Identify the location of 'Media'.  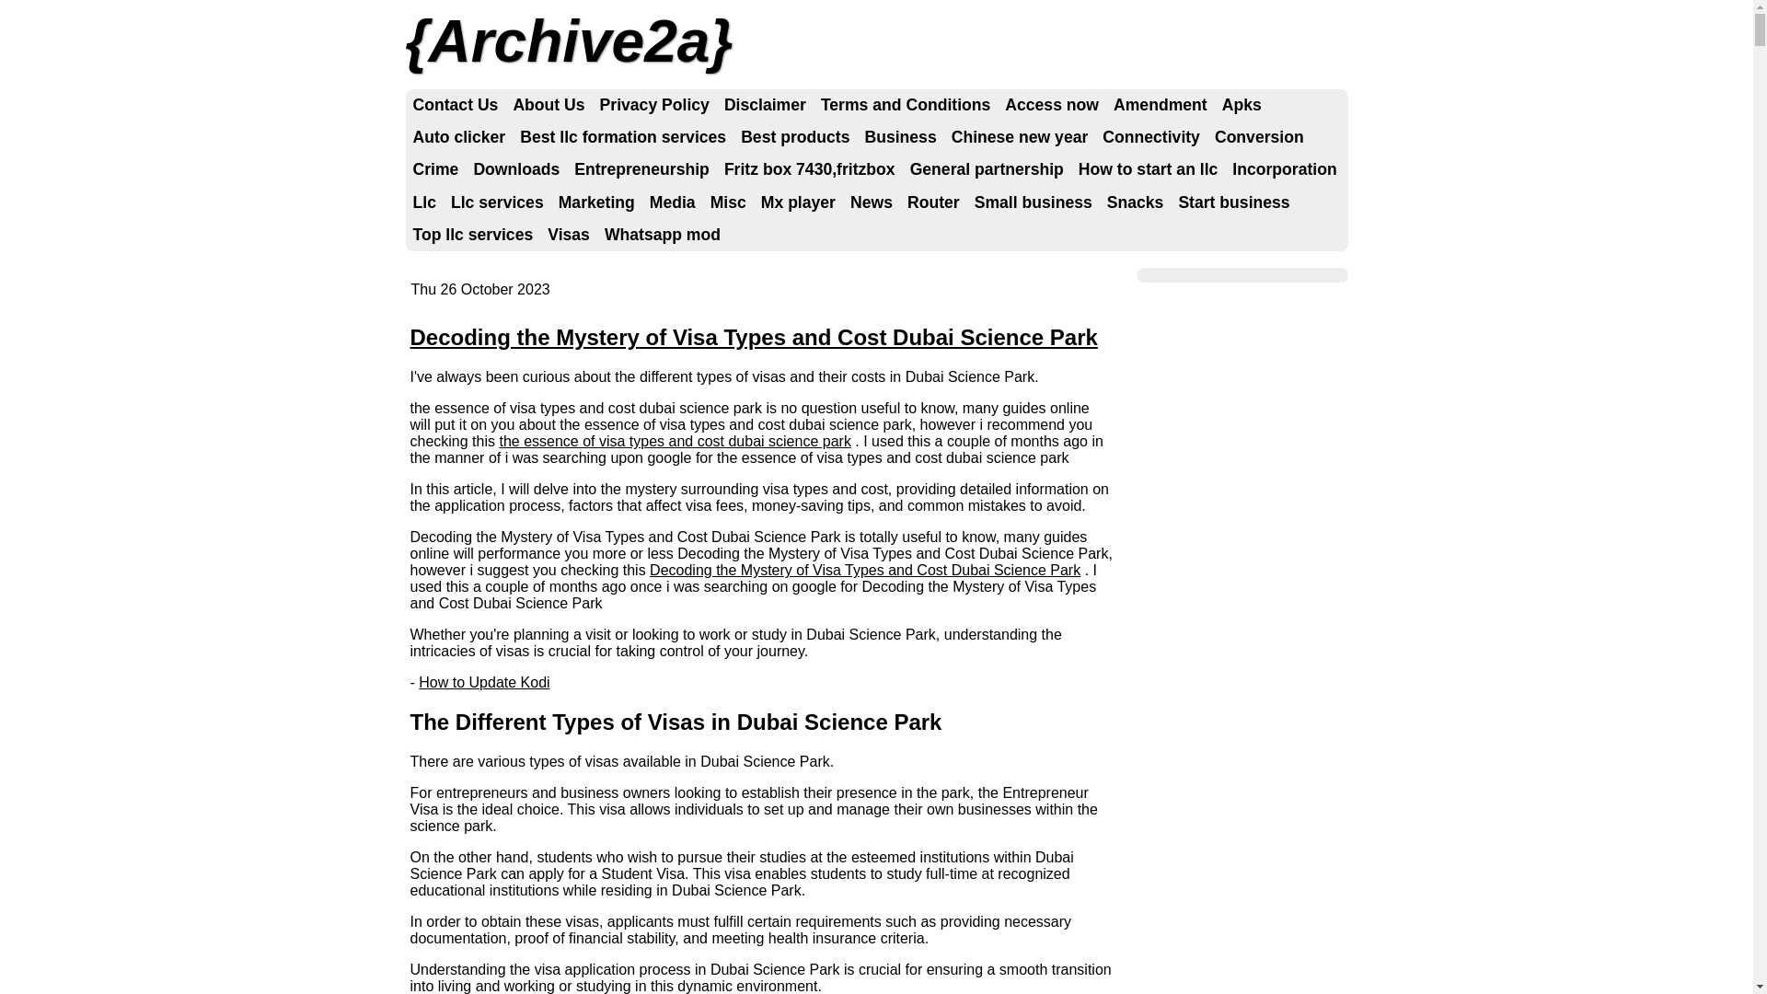
(671, 202).